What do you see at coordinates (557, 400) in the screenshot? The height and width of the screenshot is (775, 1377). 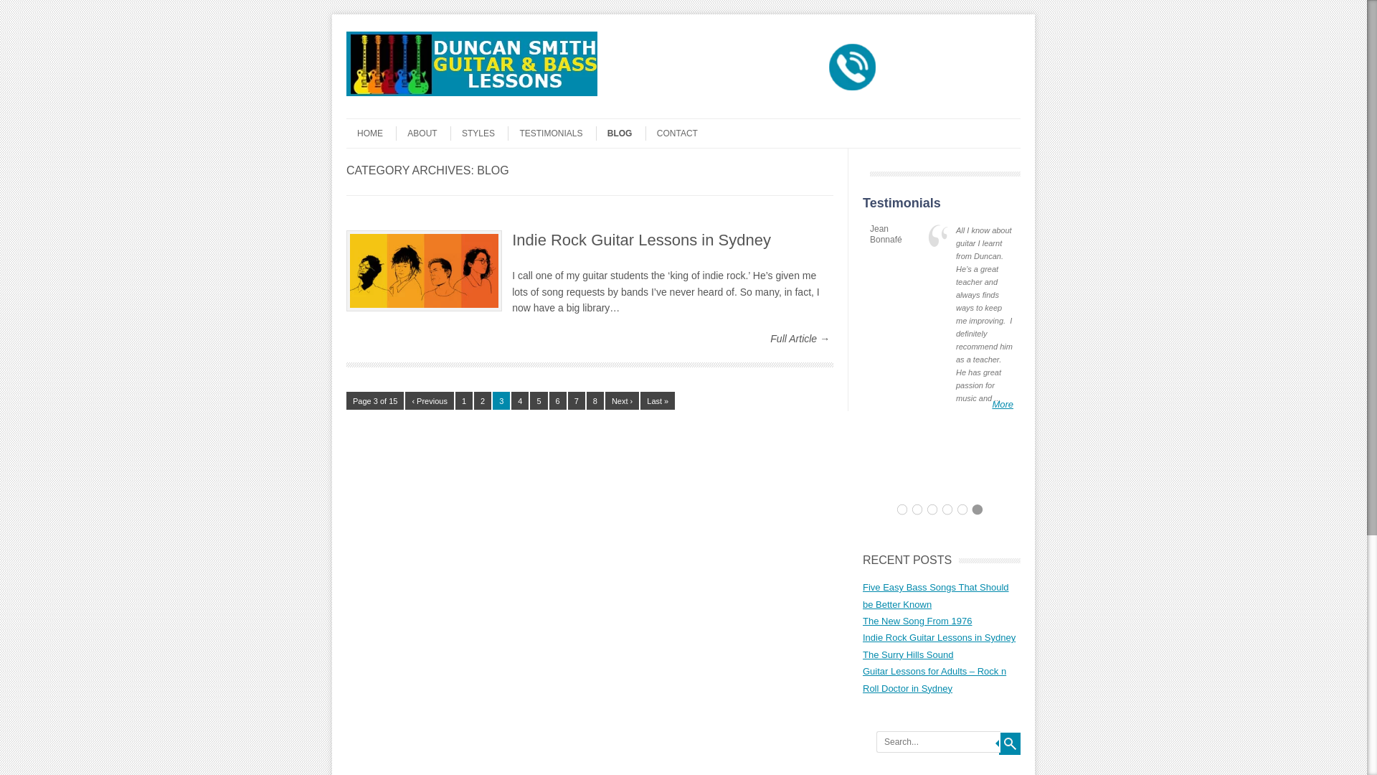 I see `'6'` at bounding box center [557, 400].